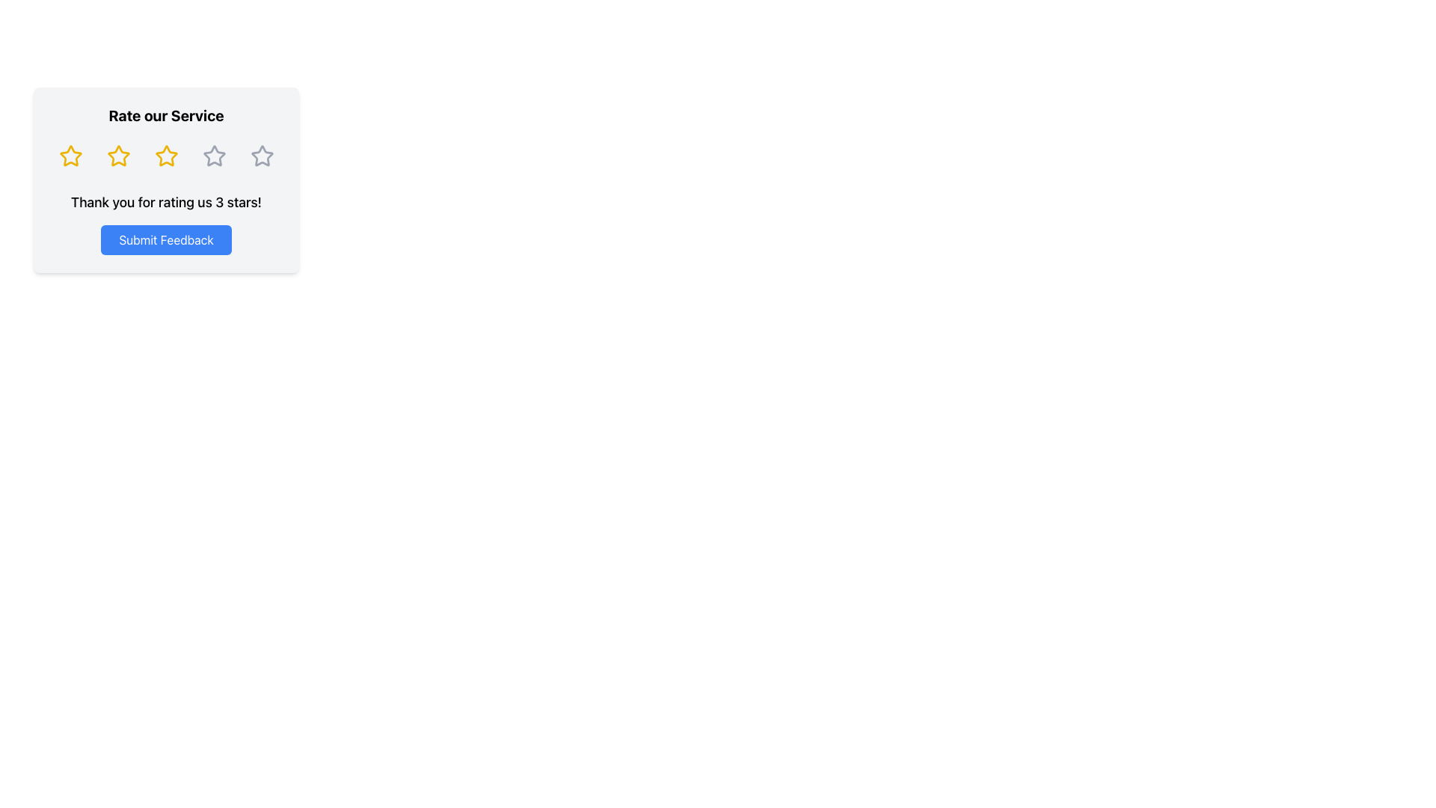  What do you see at coordinates (166, 156) in the screenshot?
I see `the third star icon in the 'Rate our Service' feedback mechanism` at bounding box center [166, 156].